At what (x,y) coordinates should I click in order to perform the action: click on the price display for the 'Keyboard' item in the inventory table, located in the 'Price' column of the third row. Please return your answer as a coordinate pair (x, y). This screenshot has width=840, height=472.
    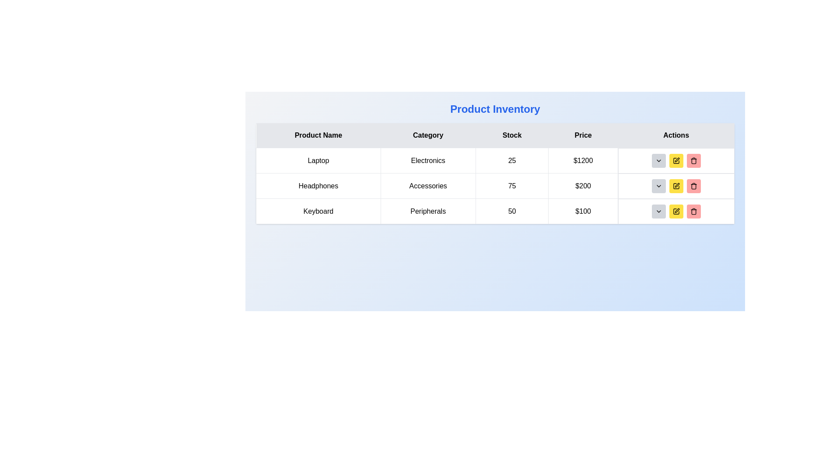
    Looking at the image, I should click on (583, 211).